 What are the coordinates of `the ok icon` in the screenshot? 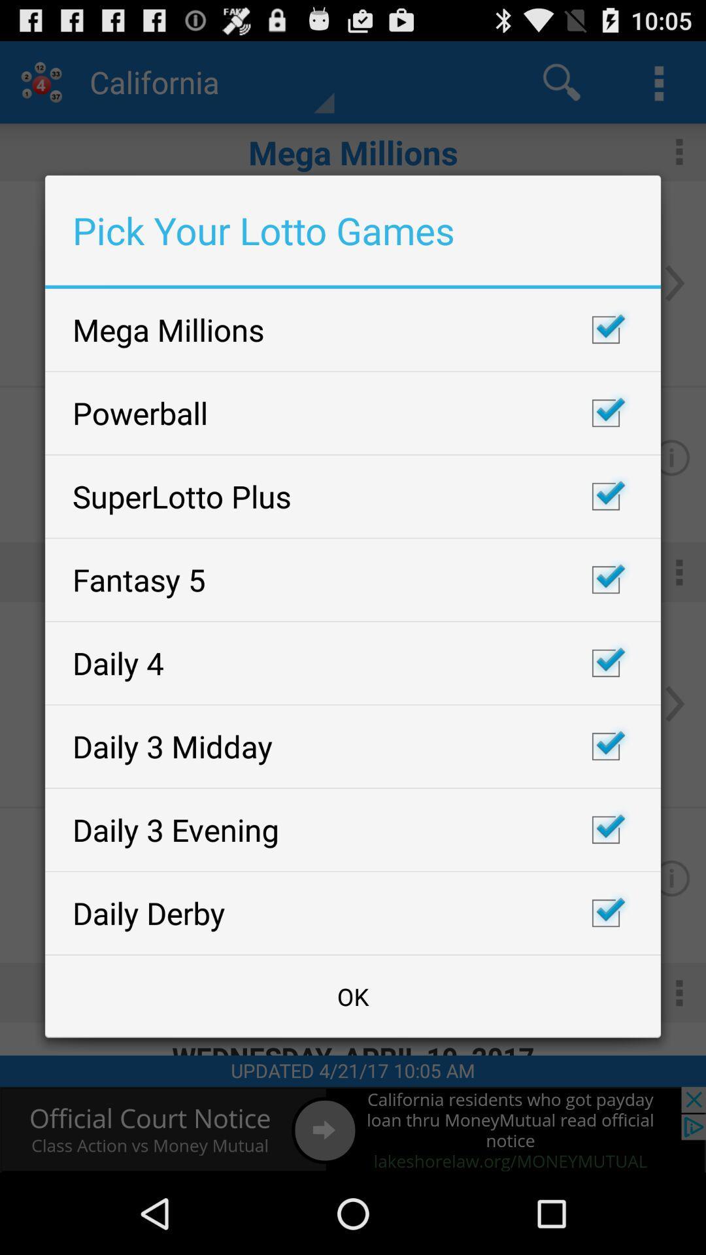 It's located at (353, 996).